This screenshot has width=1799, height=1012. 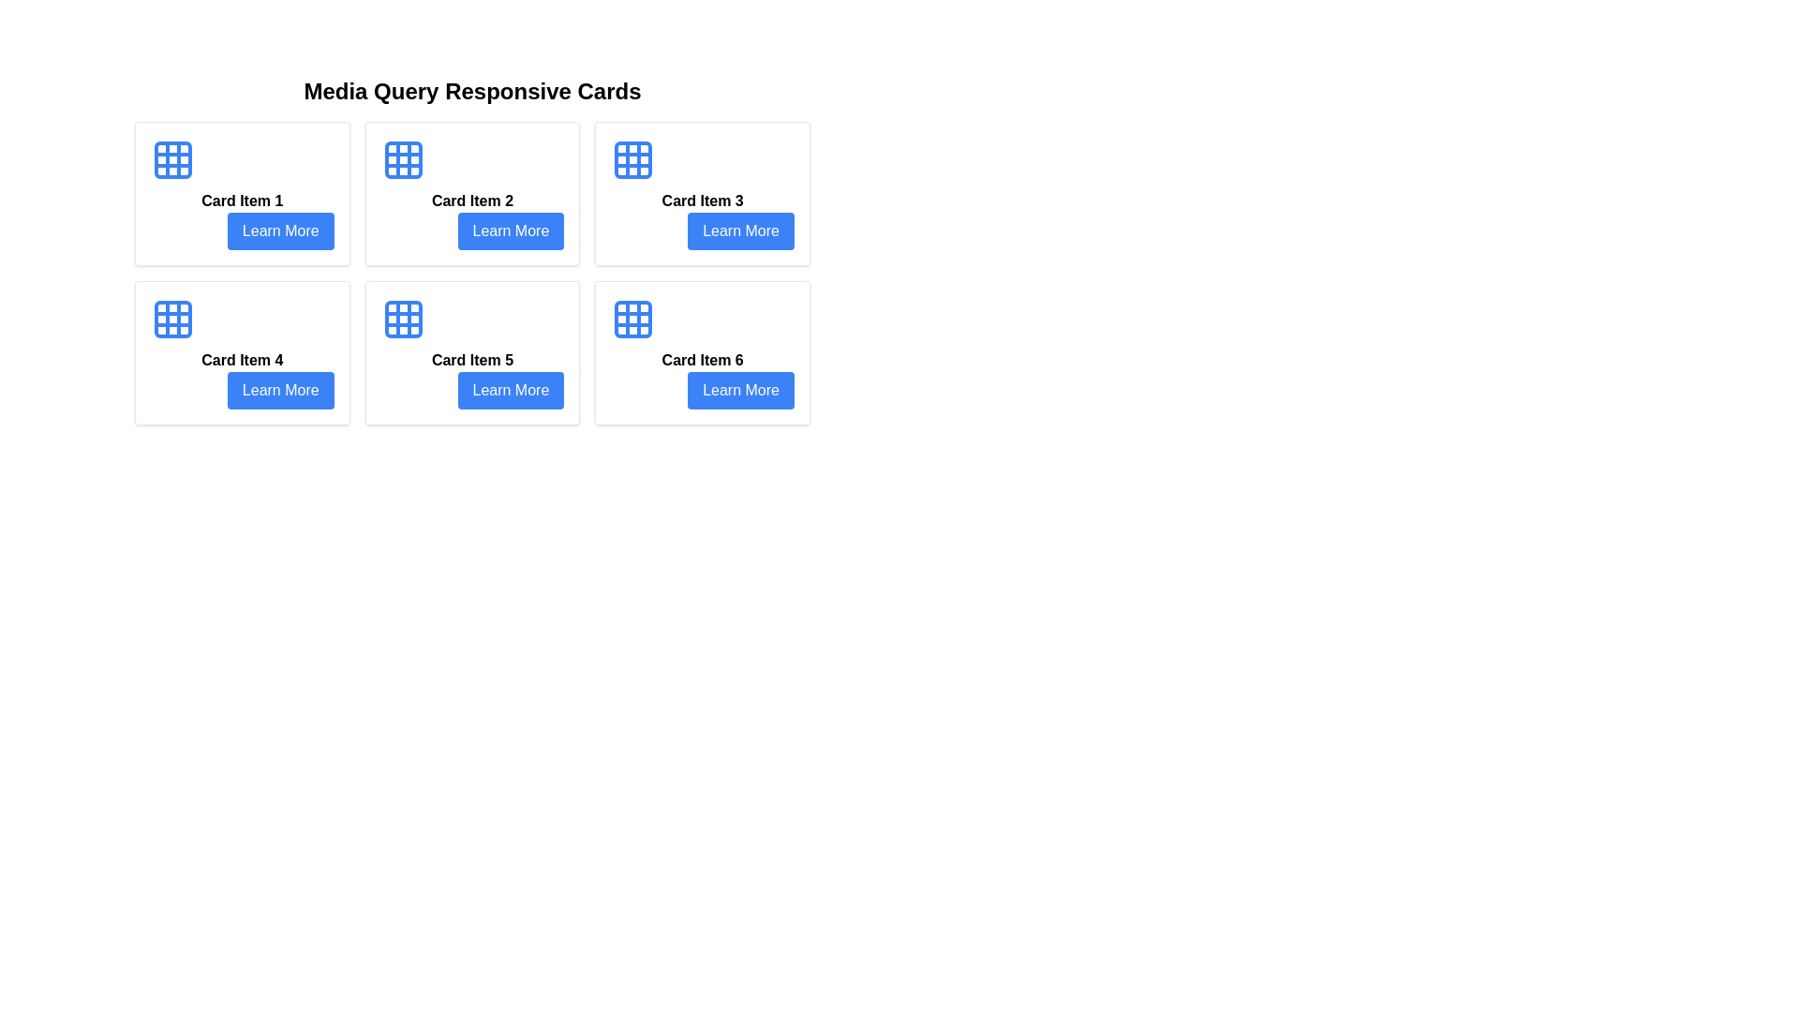 I want to click on the blue icon styled as a 3x3 grid of squares located above the text 'Card Item 5' within its card, so click(x=402, y=318).